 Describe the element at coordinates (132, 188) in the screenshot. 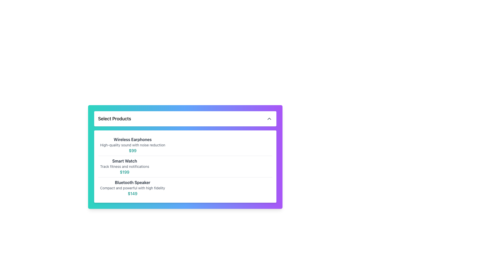

I see `text content of the descriptive text label that reads 'Compact and powerful with high fidelity', which is styled in gray and positioned between the title 'Bluetooth Speaker' and the price '$149'` at that location.